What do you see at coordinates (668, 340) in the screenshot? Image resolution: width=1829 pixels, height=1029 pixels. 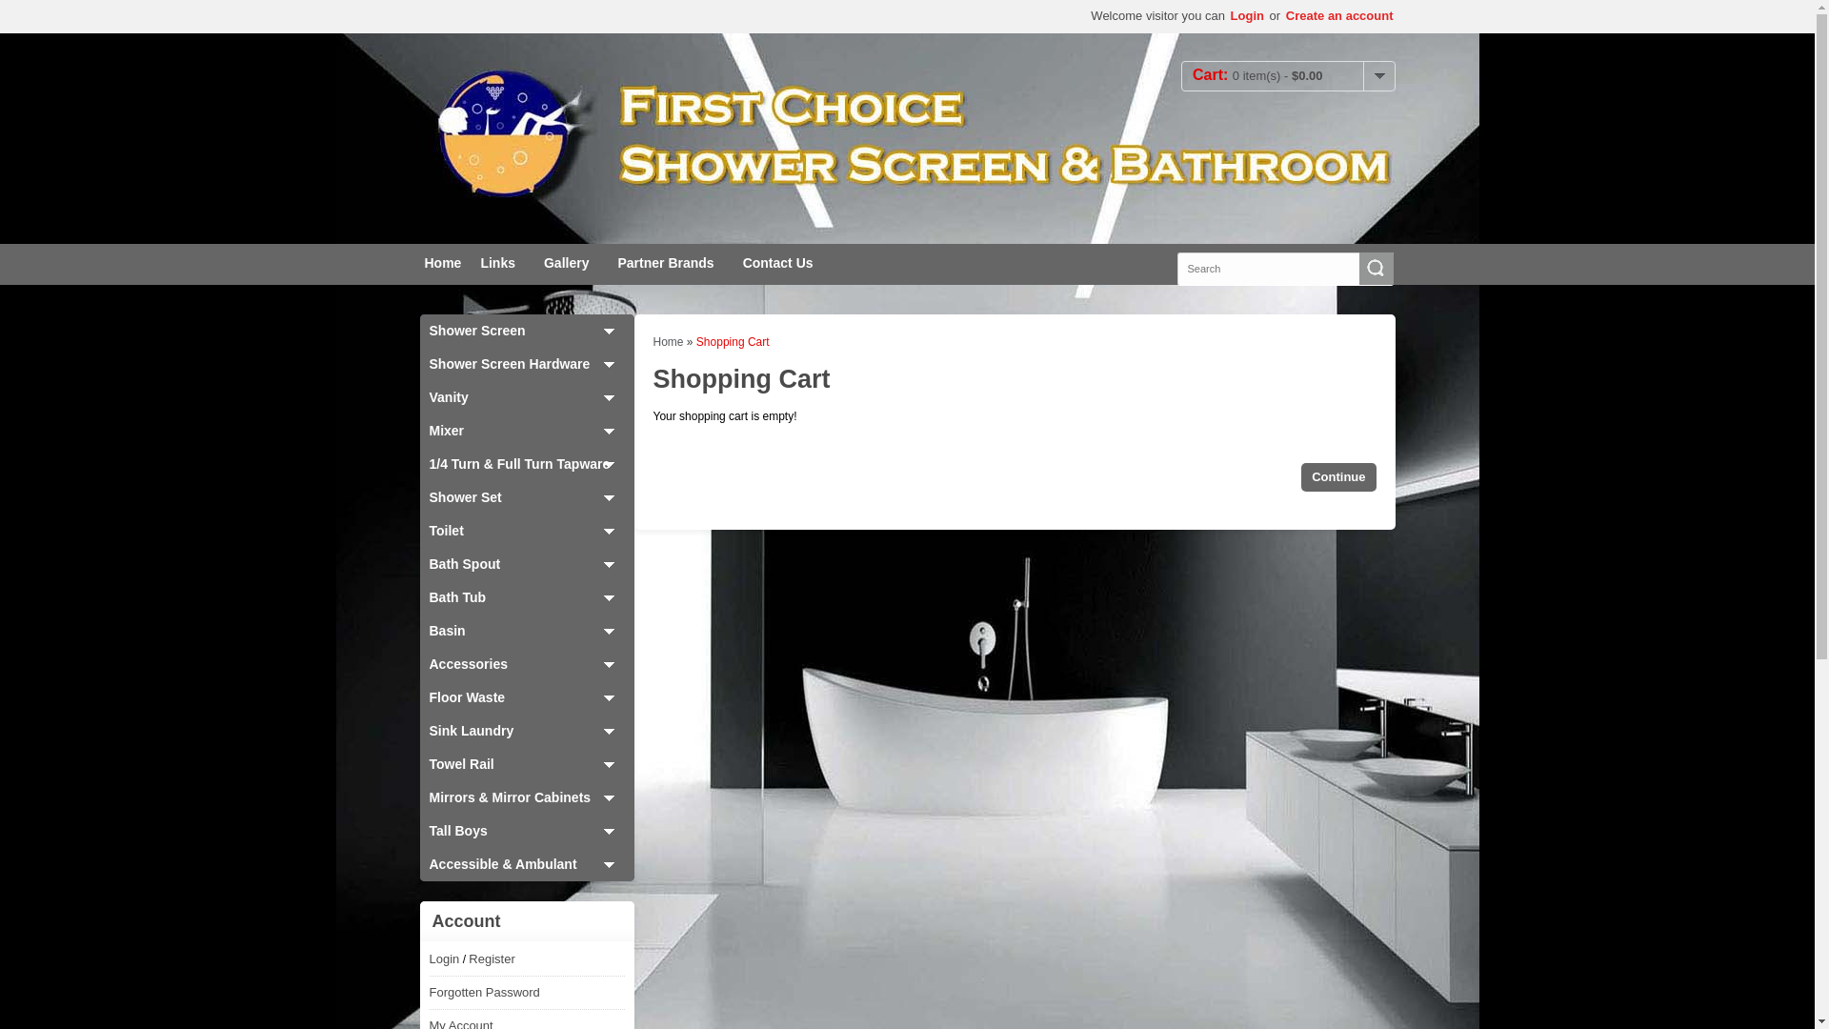 I see `'Home'` at bounding box center [668, 340].